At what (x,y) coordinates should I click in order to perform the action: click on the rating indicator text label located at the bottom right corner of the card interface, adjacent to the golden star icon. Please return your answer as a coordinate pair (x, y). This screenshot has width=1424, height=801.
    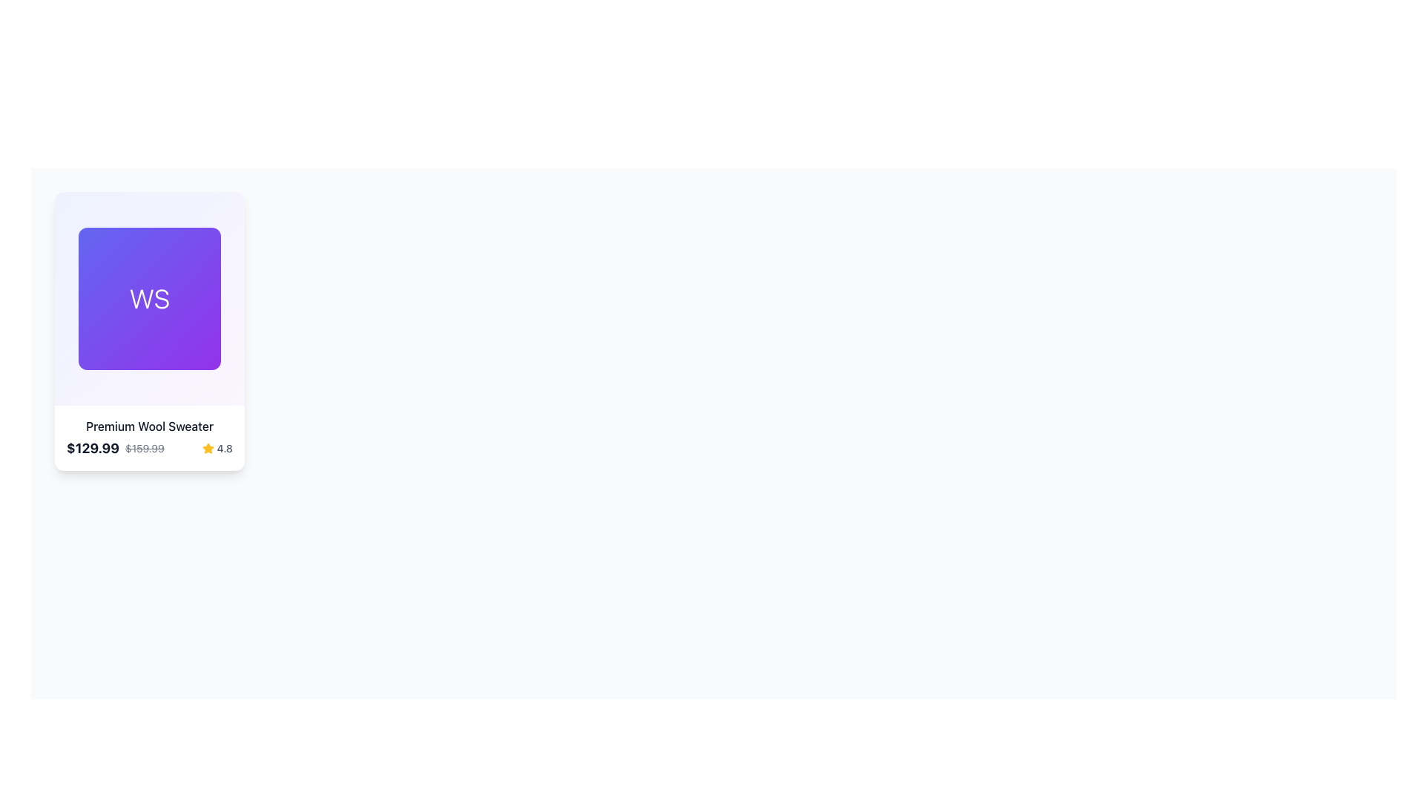
    Looking at the image, I should click on (224, 448).